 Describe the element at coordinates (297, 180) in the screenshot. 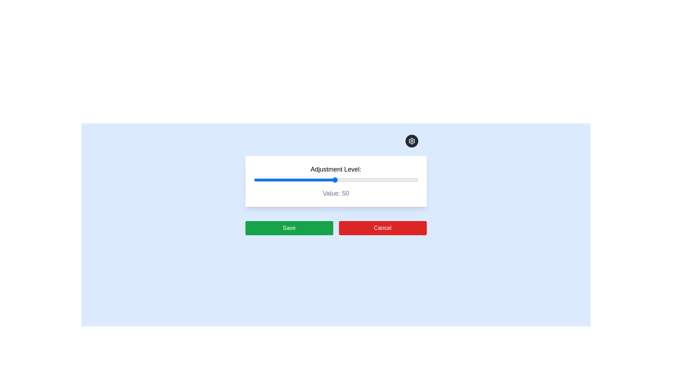

I see `the adjustment level` at that location.